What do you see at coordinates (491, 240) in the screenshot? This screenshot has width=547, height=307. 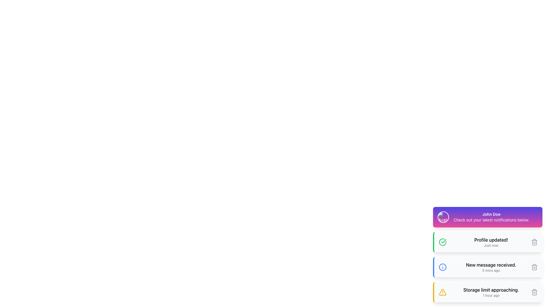 I see `text label displaying 'Profile updated!' located in the first notification card below 'John Doe' and above 'New message received.'` at bounding box center [491, 240].